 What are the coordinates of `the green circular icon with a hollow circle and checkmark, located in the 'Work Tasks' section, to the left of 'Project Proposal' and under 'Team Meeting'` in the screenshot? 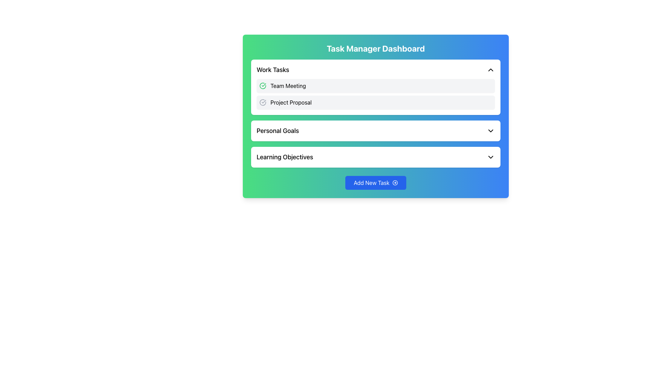 It's located at (262, 85).